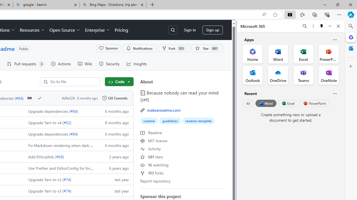 This screenshot has width=357, height=200. Describe the element at coordinates (207, 48) in the screenshot. I see `' Star 681'` at that location.